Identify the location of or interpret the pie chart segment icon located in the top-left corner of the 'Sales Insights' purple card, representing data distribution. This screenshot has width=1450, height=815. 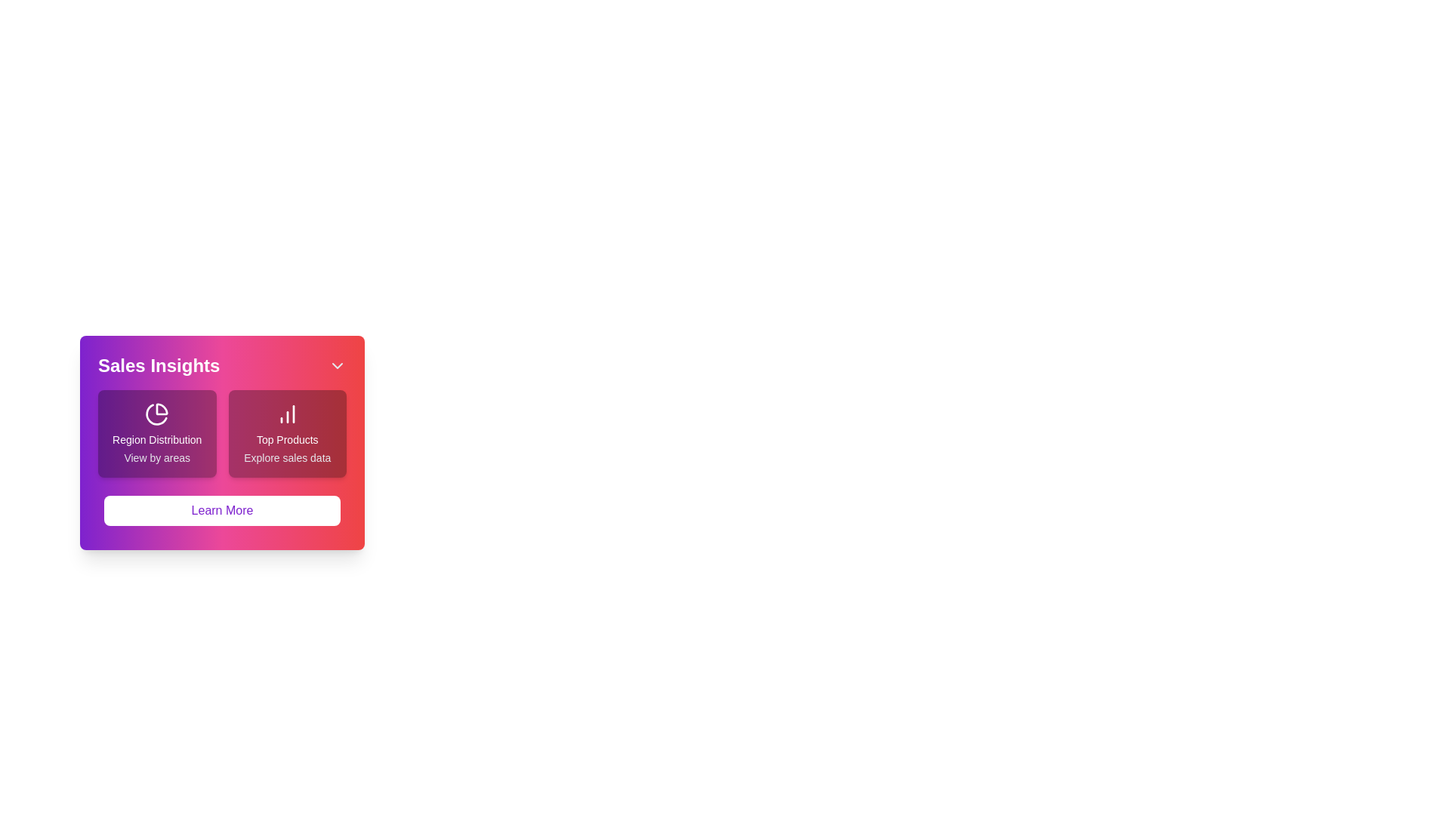
(162, 409).